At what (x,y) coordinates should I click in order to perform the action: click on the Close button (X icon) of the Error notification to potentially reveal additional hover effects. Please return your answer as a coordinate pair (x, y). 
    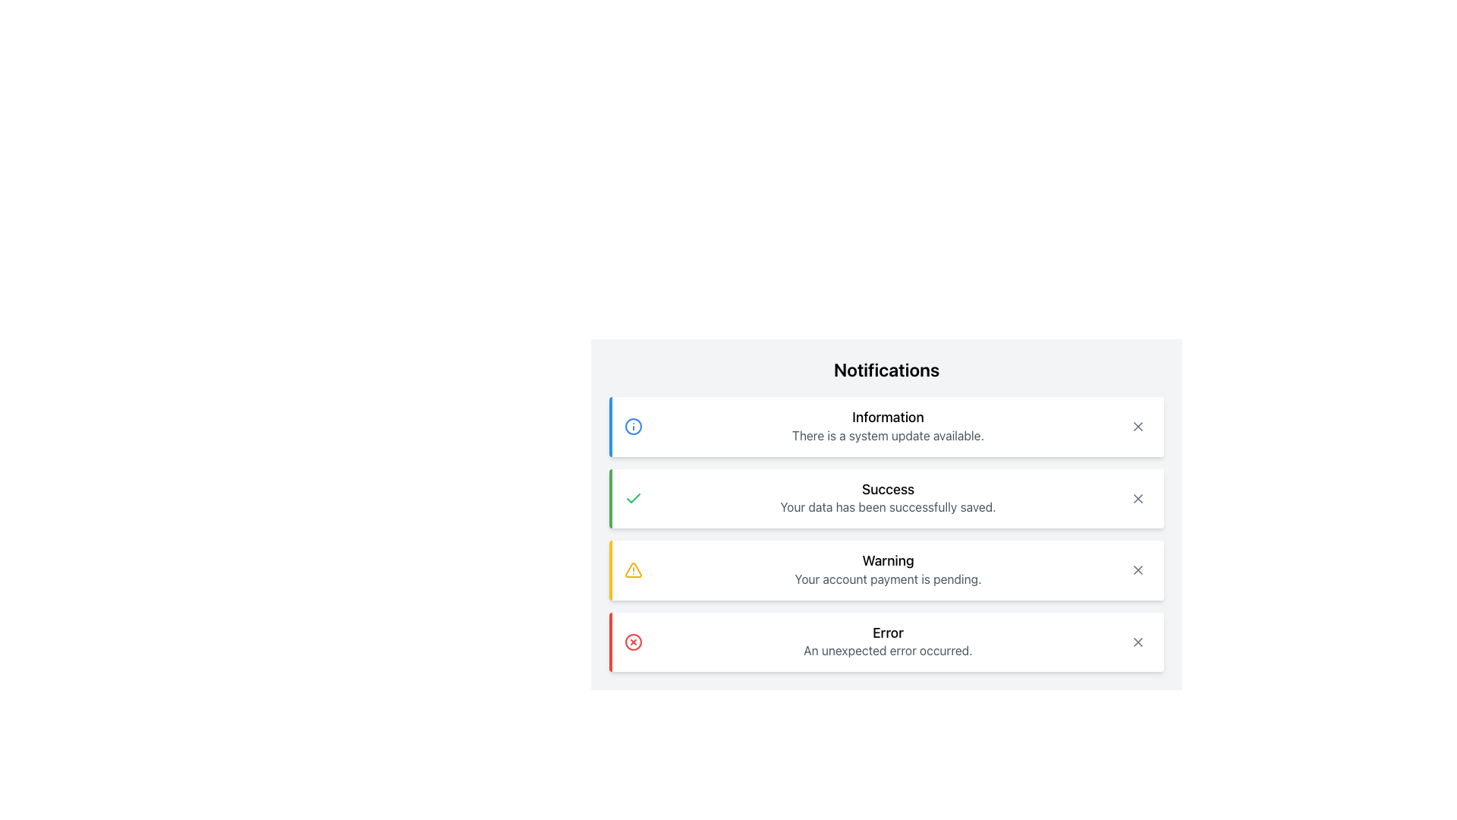
    Looking at the image, I should click on (1138, 641).